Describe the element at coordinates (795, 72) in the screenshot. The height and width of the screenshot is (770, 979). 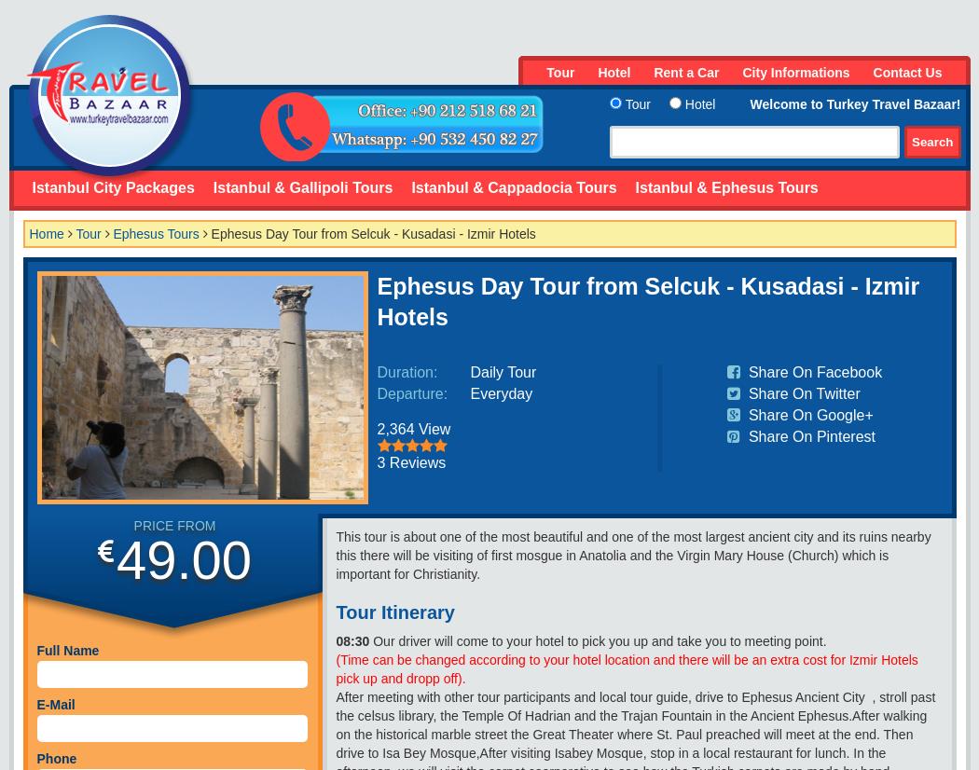
I see `'City Informations'` at that location.